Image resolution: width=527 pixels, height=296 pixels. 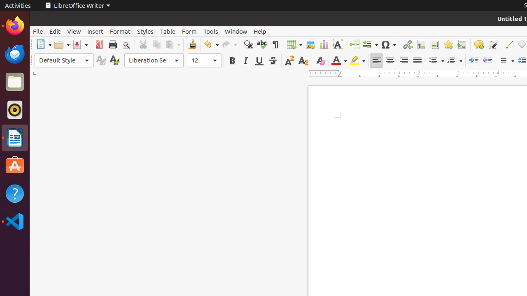 I want to click on 'Italic', so click(x=245, y=60).